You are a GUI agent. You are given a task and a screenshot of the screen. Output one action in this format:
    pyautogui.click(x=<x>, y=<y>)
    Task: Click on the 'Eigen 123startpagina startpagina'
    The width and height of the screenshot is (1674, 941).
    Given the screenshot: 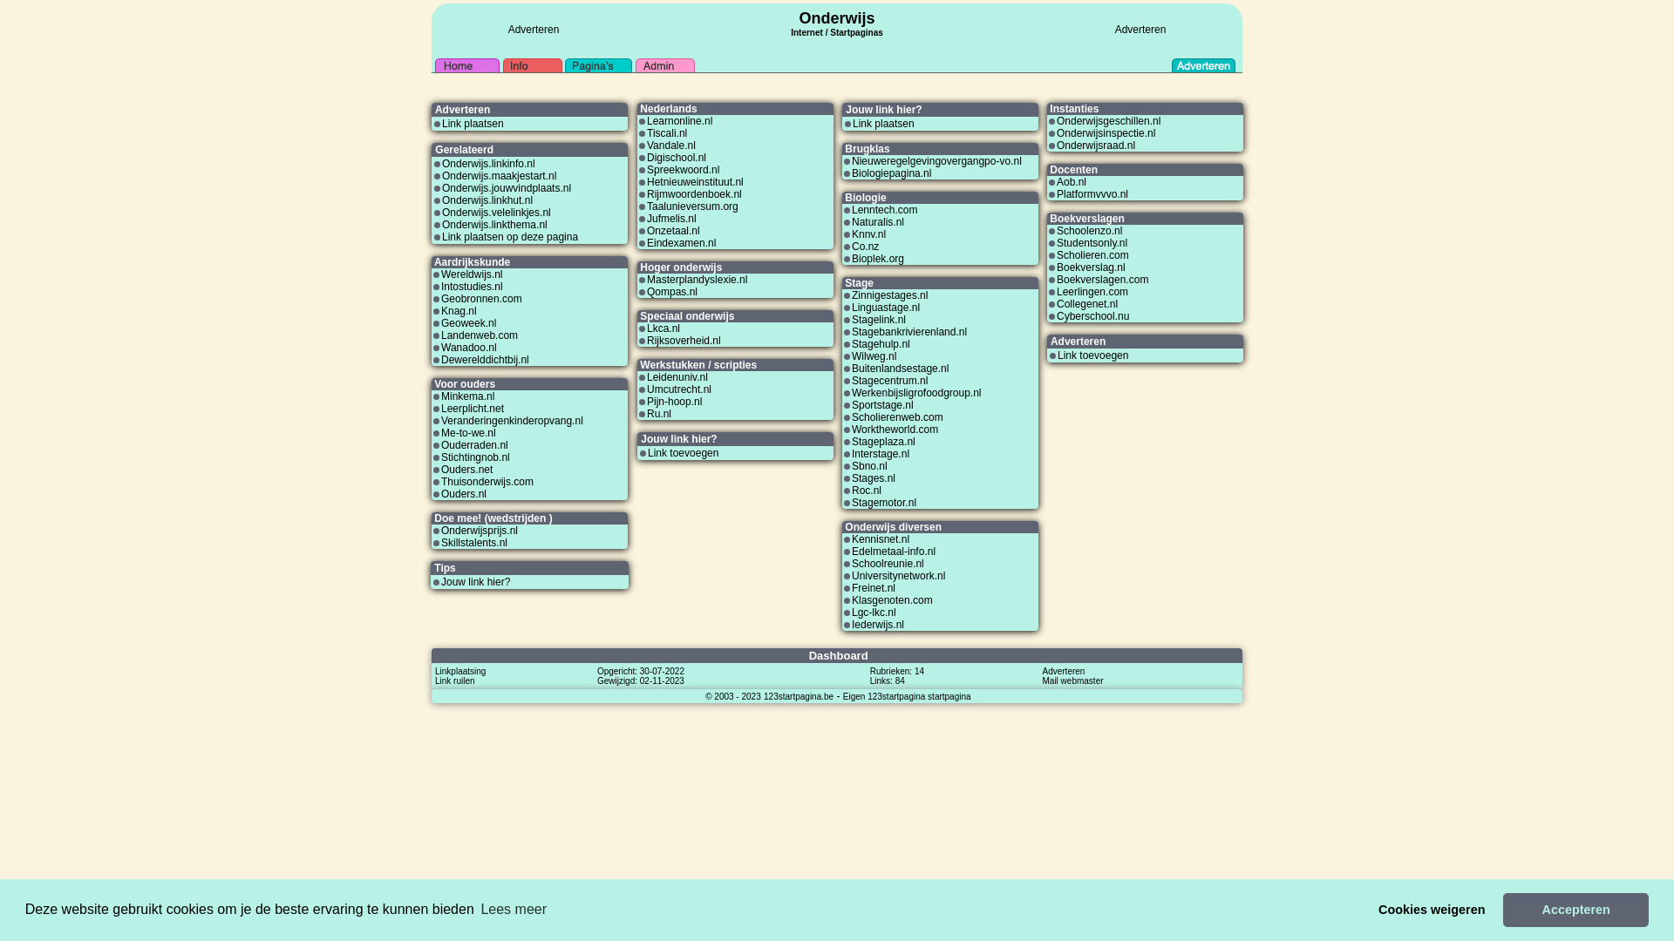 What is the action you would take?
    pyautogui.click(x=842, y=694)
    